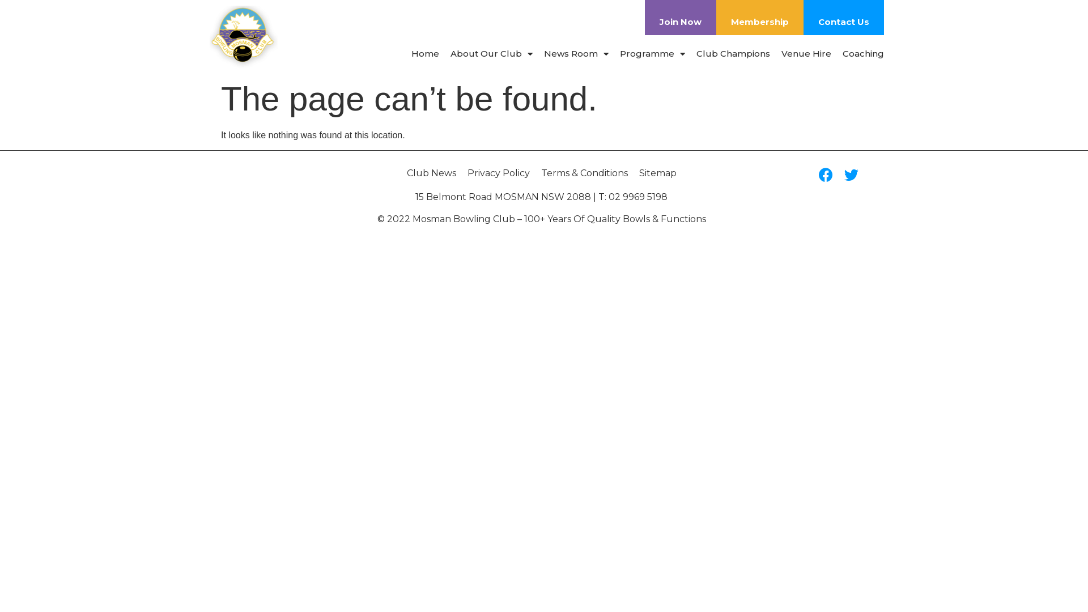 The height and width of the screenshot is (612, 1088). What do you see at coordinates (431, 173) in the screenshot?
I see `'Club News'` at bounding box center [431, 173].